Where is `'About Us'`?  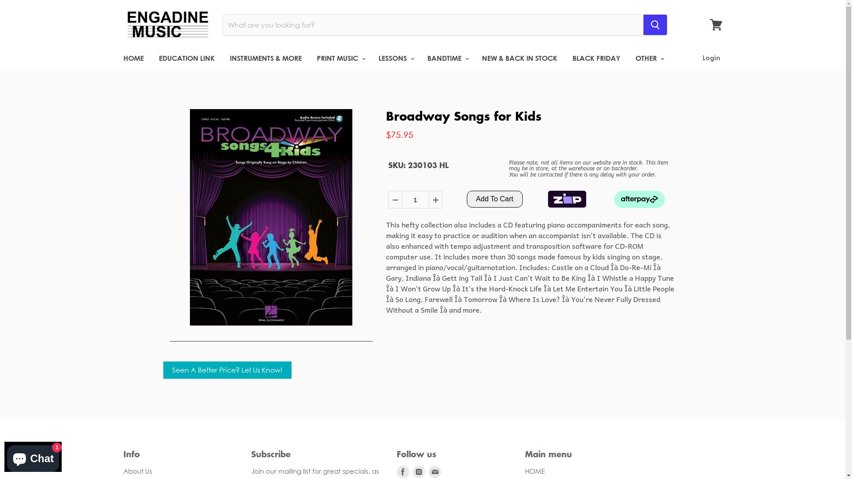 'About Us' is located at coordinates (137, 470).